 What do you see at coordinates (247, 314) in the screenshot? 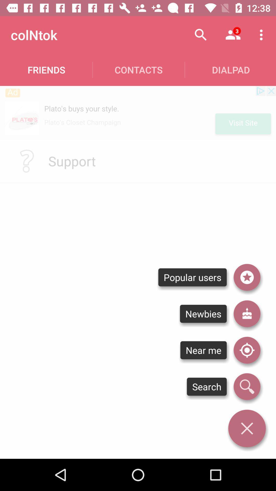
I see `the gift icon` at bounding box center [247, 314].